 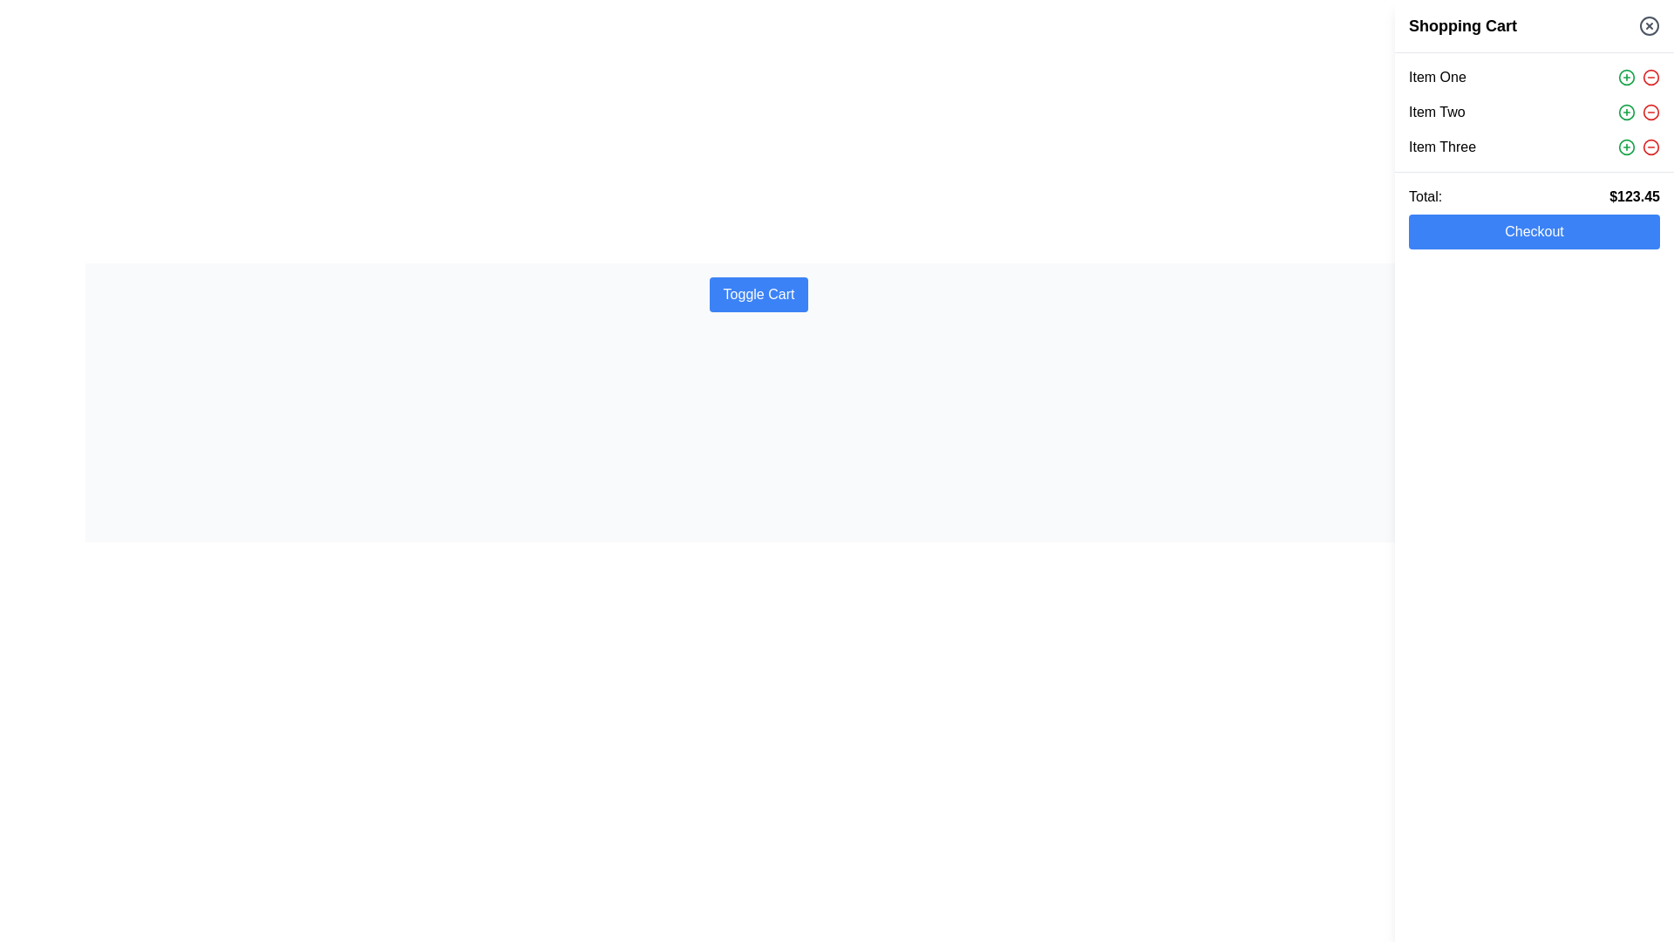 What do you see at coordinates (1638, 112) in the screenshot?
I see `the interactive control group consisting of a green '+' icon and a red '-' icon located to the right of the 'Item Two' label in the shopping cart interface` at bounding box center [1638, 112].